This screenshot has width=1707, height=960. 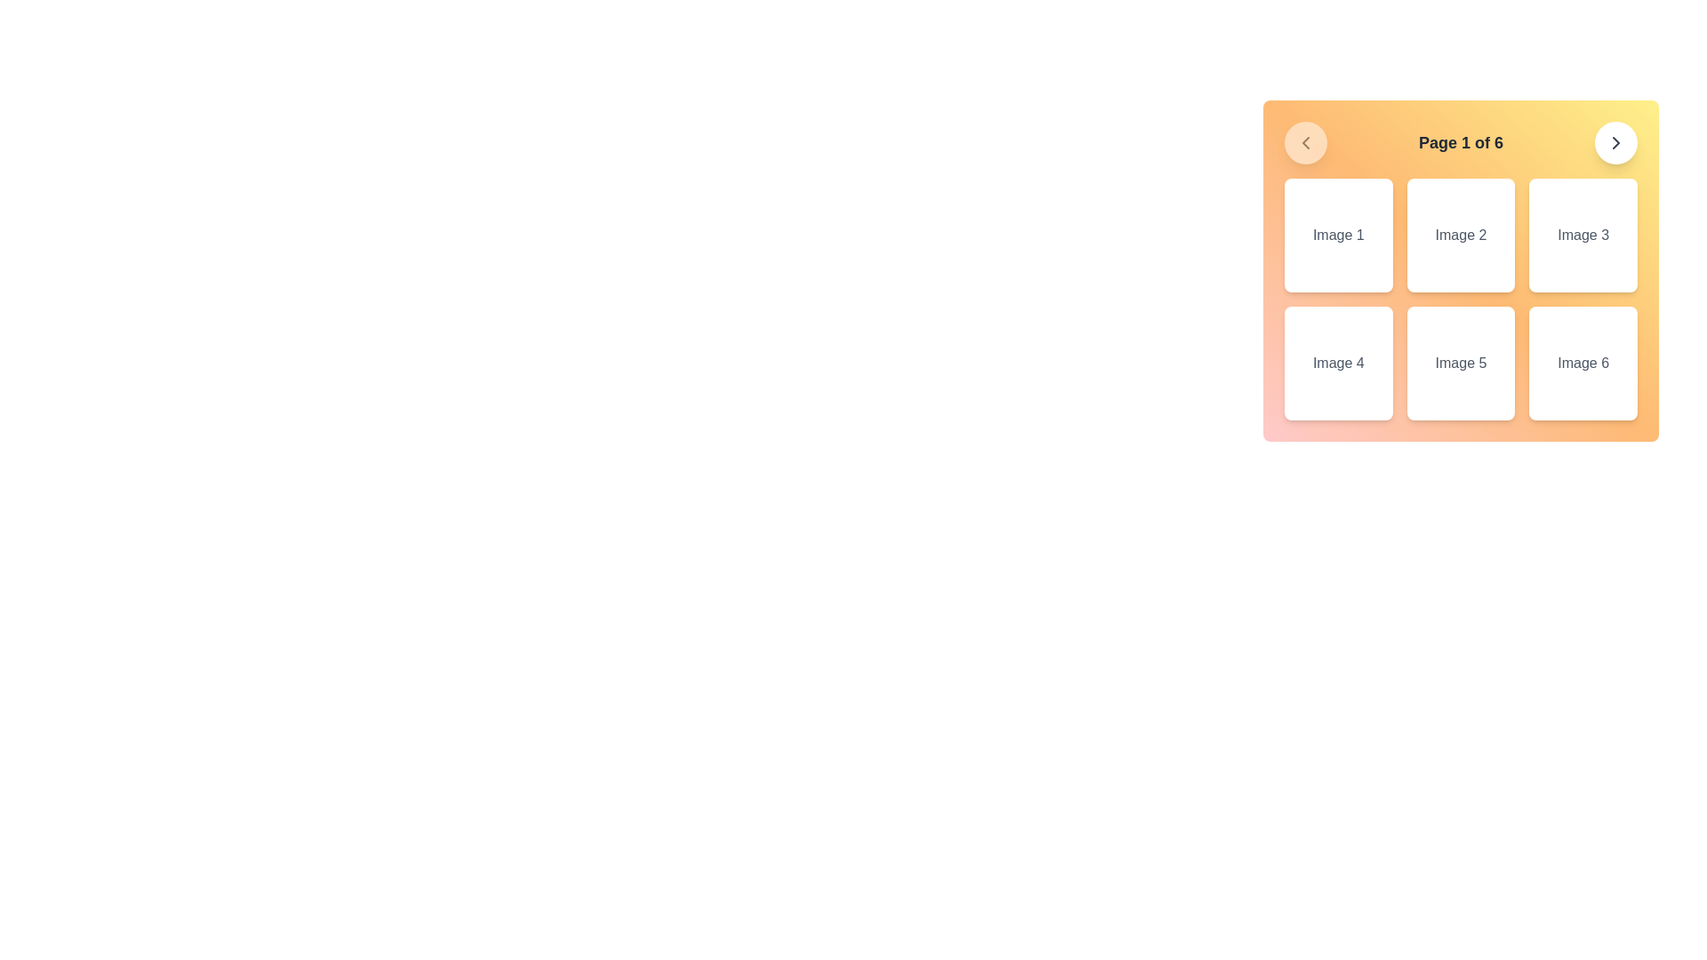 I want to click on the Static Label displaying 'Image 5' which is located in the second row, middle column of a grid layout, so click(x=1461, y=362).